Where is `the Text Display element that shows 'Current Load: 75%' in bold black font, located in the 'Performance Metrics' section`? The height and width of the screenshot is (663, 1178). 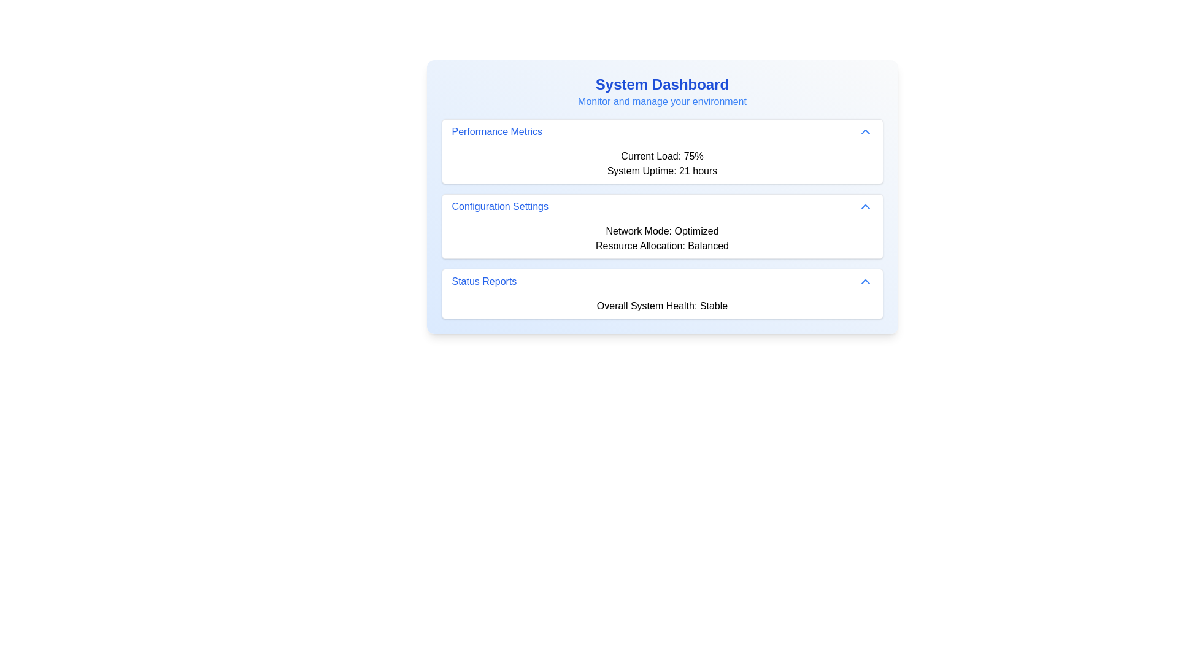
the Text Display element that shows 'Current Load: 75%' in bold black font, located in the 'Performance Metrics' section is located at coordinates (661, 155).